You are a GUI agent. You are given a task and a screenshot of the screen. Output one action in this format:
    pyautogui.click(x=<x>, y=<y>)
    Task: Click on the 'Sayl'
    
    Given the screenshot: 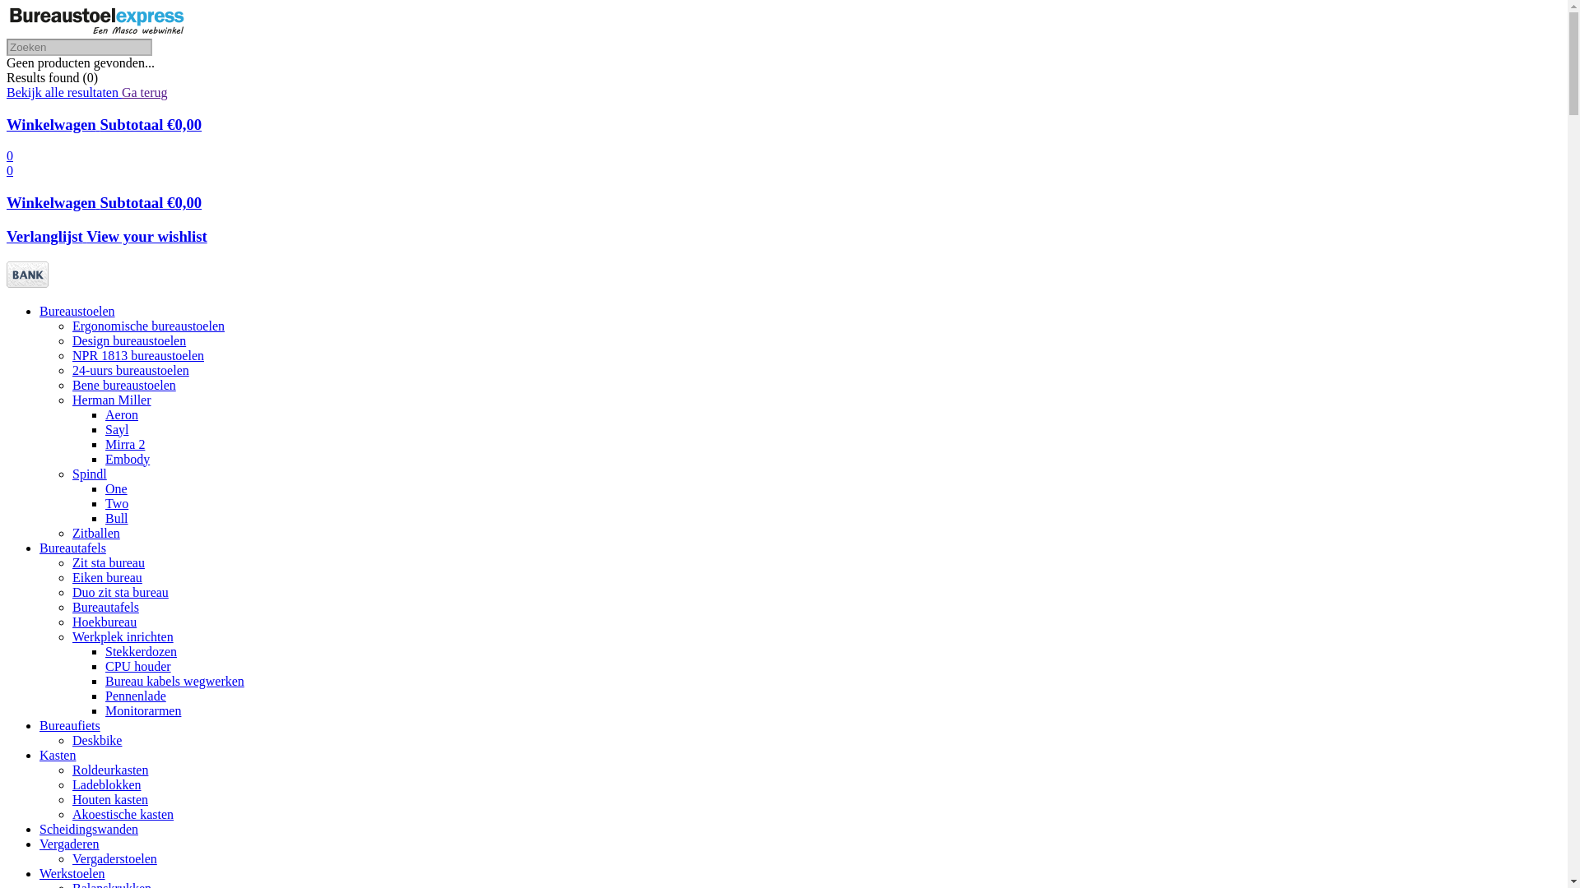 What is the action you would take?
    pyautogui.click(x=116, y=428)
    